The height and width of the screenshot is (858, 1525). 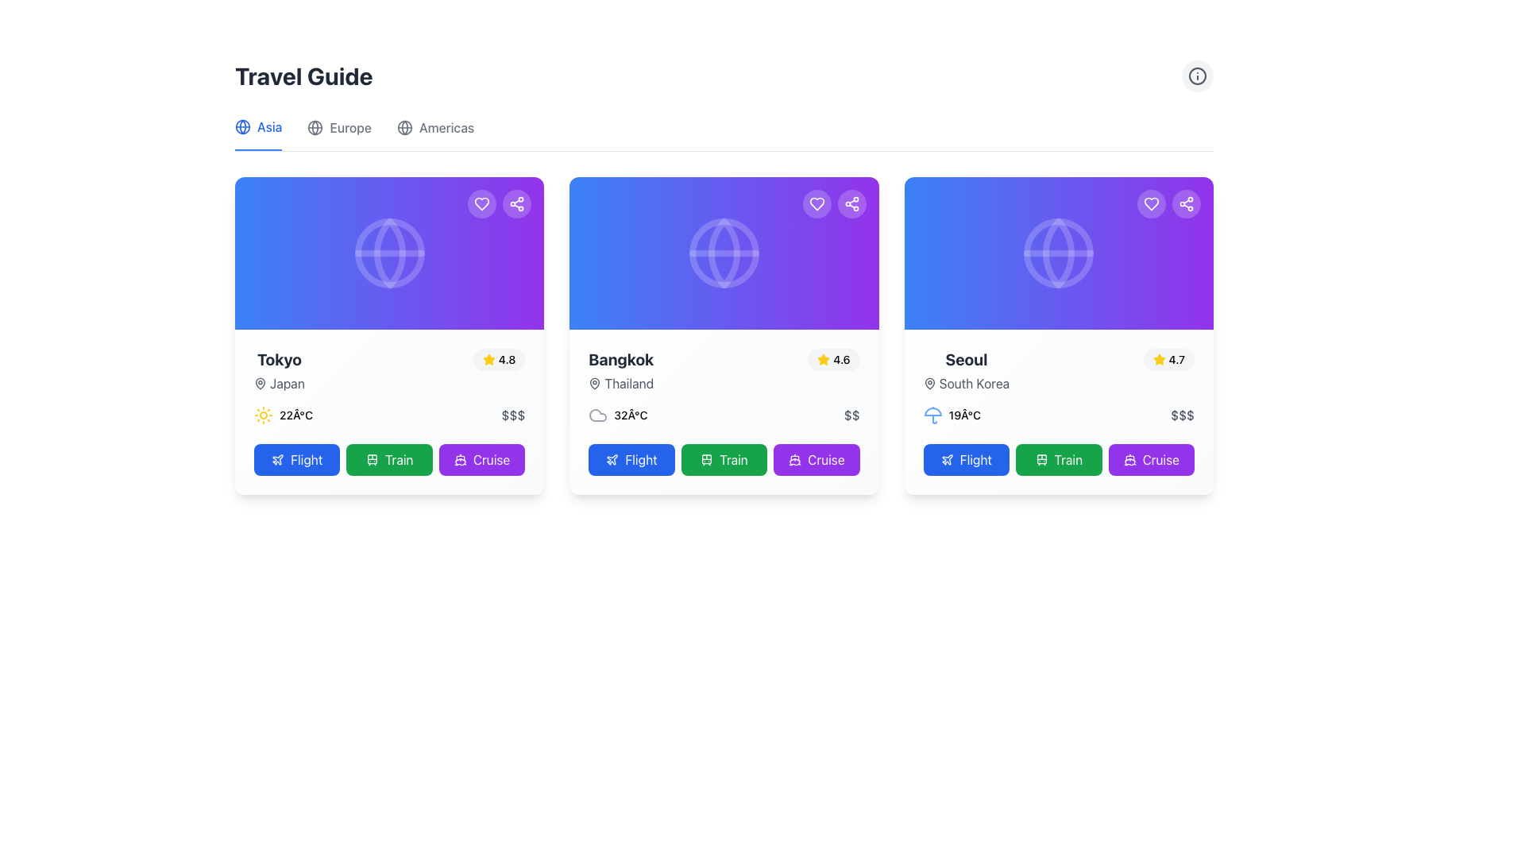 What do you see at coordinates (349, 127) in the screenshot?
I see `the 'Europe' text label located centrally in the horizontal navigation bar below the title 'Travel Guide'` at bounding box center [349, 127].